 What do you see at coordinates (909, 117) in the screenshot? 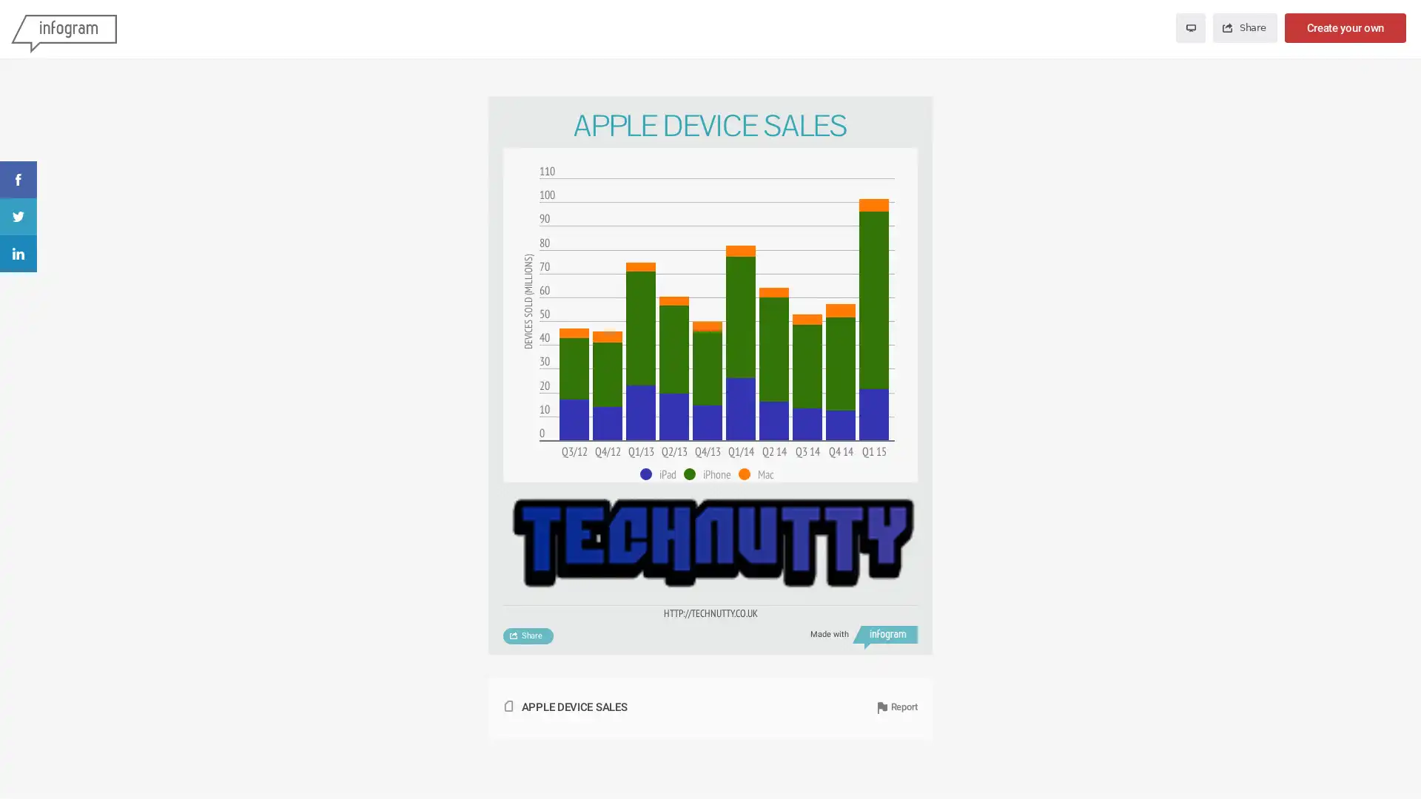
I see `Show side buttons` at bounding box center [909, 117].